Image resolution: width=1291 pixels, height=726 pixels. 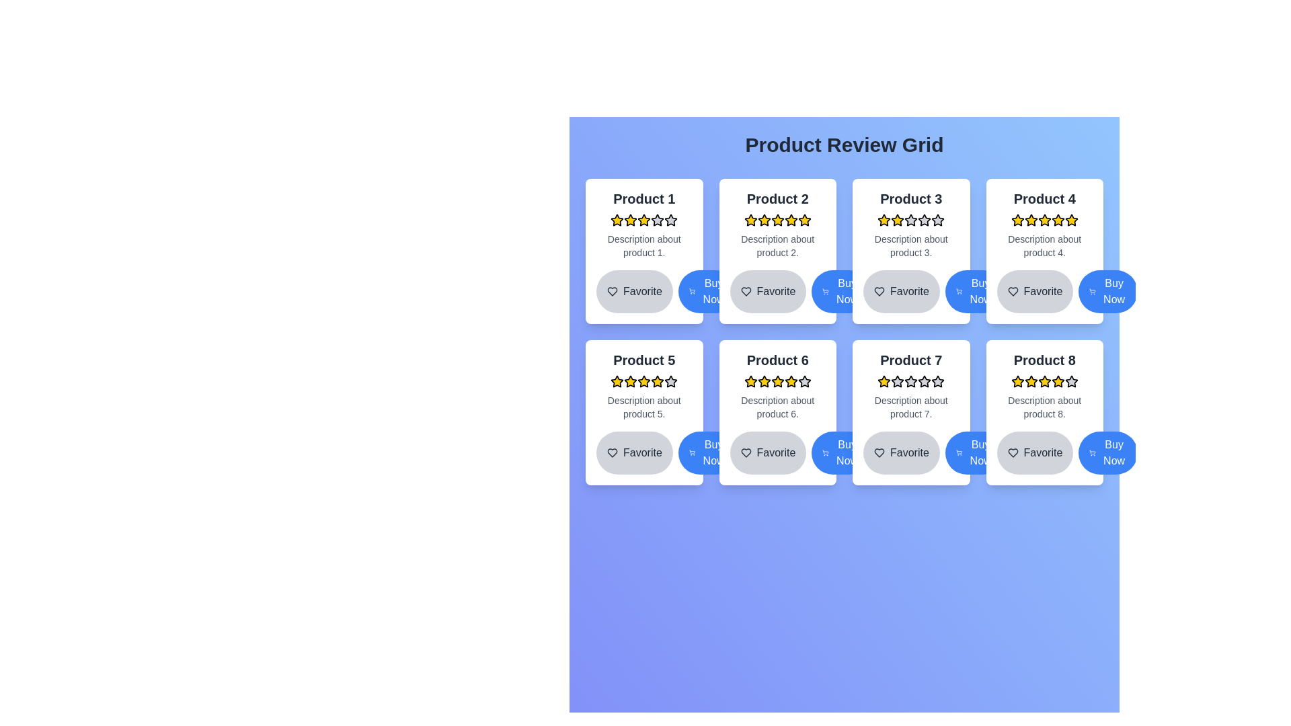 What do you see at coordinates (1044, 381) in the screenshot?
I see `the fifth star icon in the star rating system for 'Product 8', which is located in the bottom-right corner of the grid` at bounding box center [1044, 381].